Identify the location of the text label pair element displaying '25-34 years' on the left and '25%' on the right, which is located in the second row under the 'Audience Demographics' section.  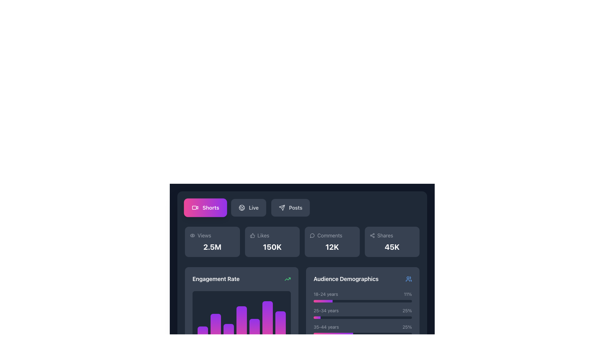
(363, 310).